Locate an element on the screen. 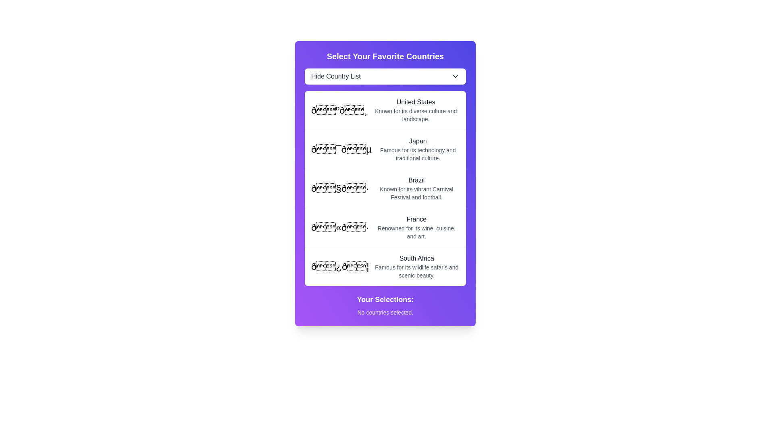 The image size is (774, 435). the text label displaying 'United States' is located at coordinates (416, 102).